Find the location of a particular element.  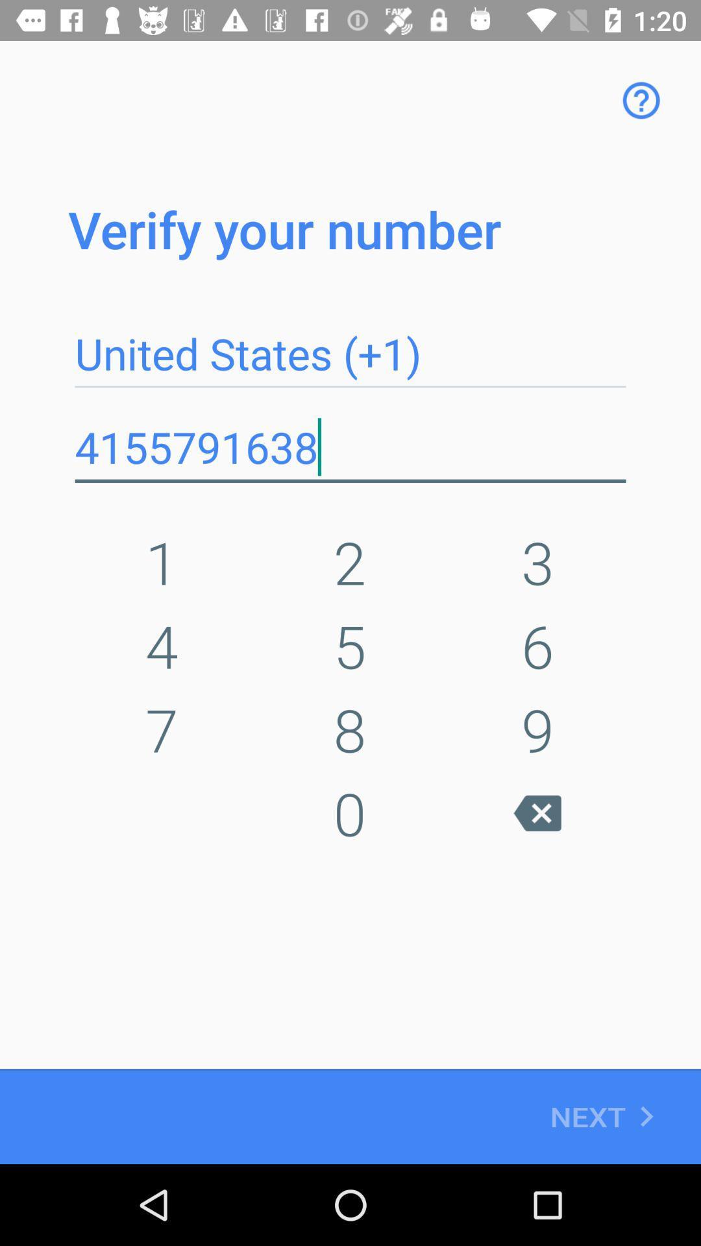

the help icon is located at coordinates (641, 99).